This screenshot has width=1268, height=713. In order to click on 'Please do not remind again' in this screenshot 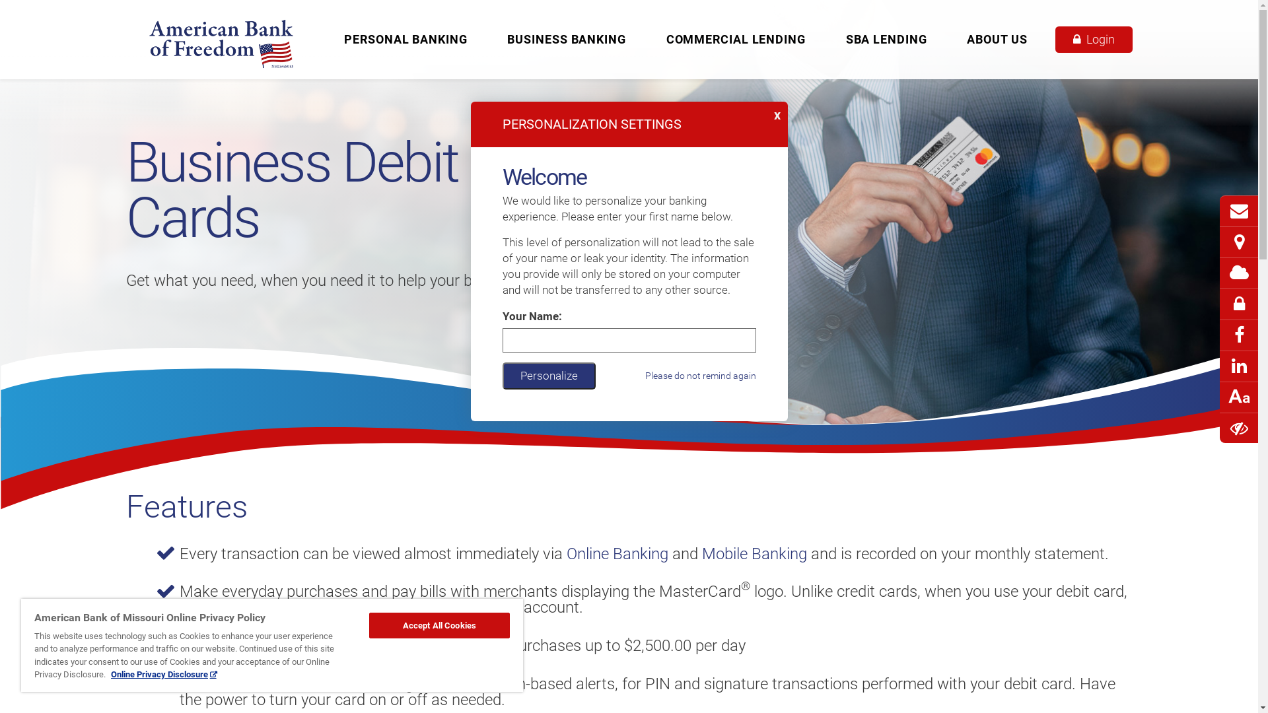, I will do `click(699, 376)`.